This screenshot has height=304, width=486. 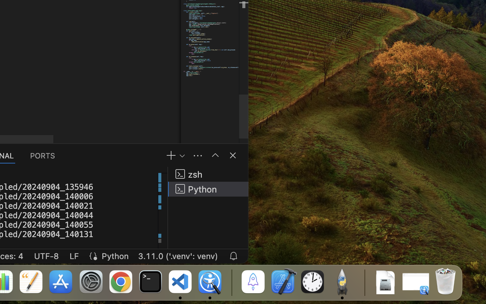 I want to click on 'Python ', so click(x=208, y=188).